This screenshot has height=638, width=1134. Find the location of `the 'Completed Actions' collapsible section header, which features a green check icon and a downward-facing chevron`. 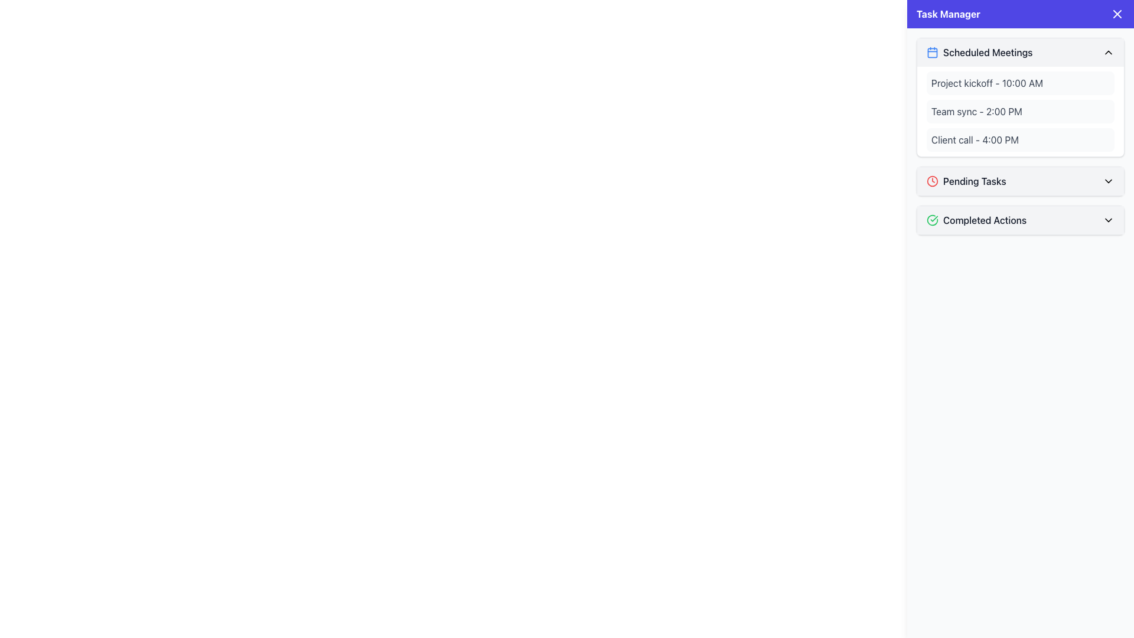

the 'Completed Actions' collapsible section header, which features a green check icon and a downward-facing chevron is located at coordinates (1020, 220).